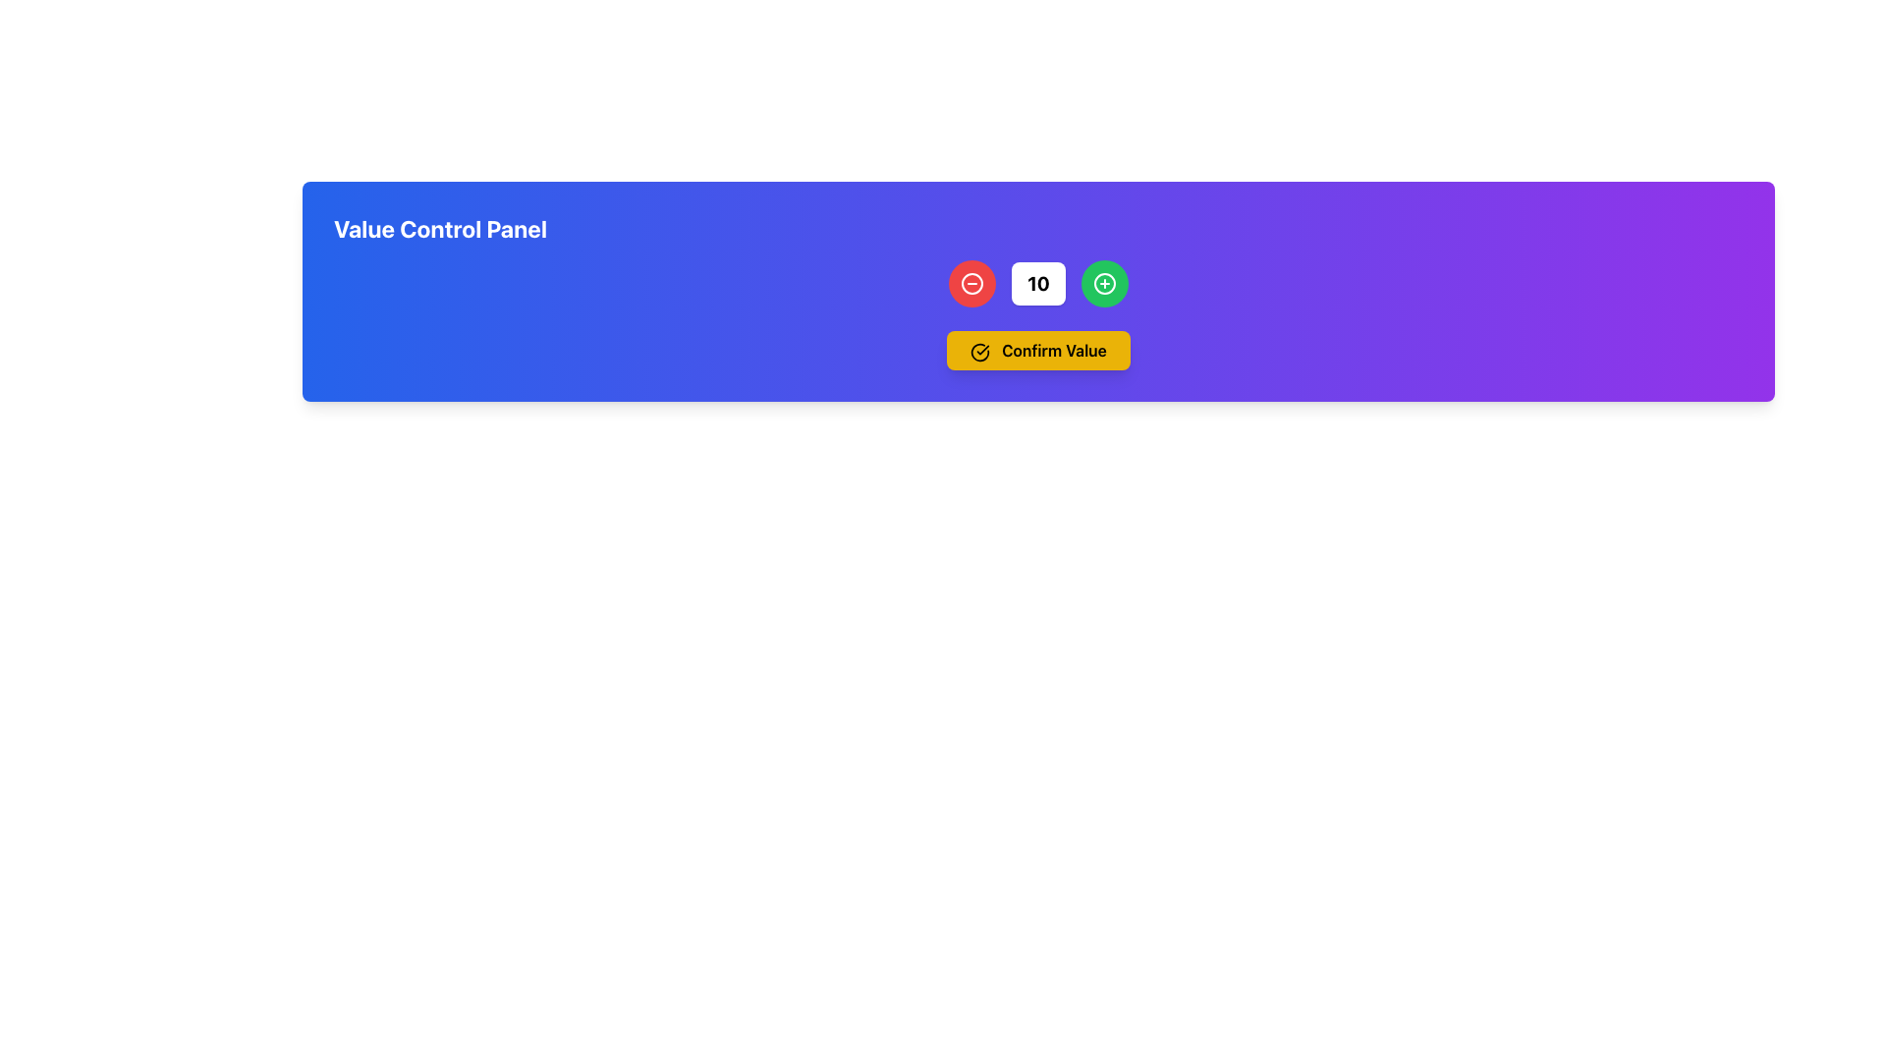  What do you see at coordinates (1037, 350) in the screenshot?
I see `the 'Confirm Value' button, which is a rectangular button with a yellow background and black text, featuring a circular checkmark icon to its left, located in the 'Value Control Panel'` at bounding box center [1037, 350].